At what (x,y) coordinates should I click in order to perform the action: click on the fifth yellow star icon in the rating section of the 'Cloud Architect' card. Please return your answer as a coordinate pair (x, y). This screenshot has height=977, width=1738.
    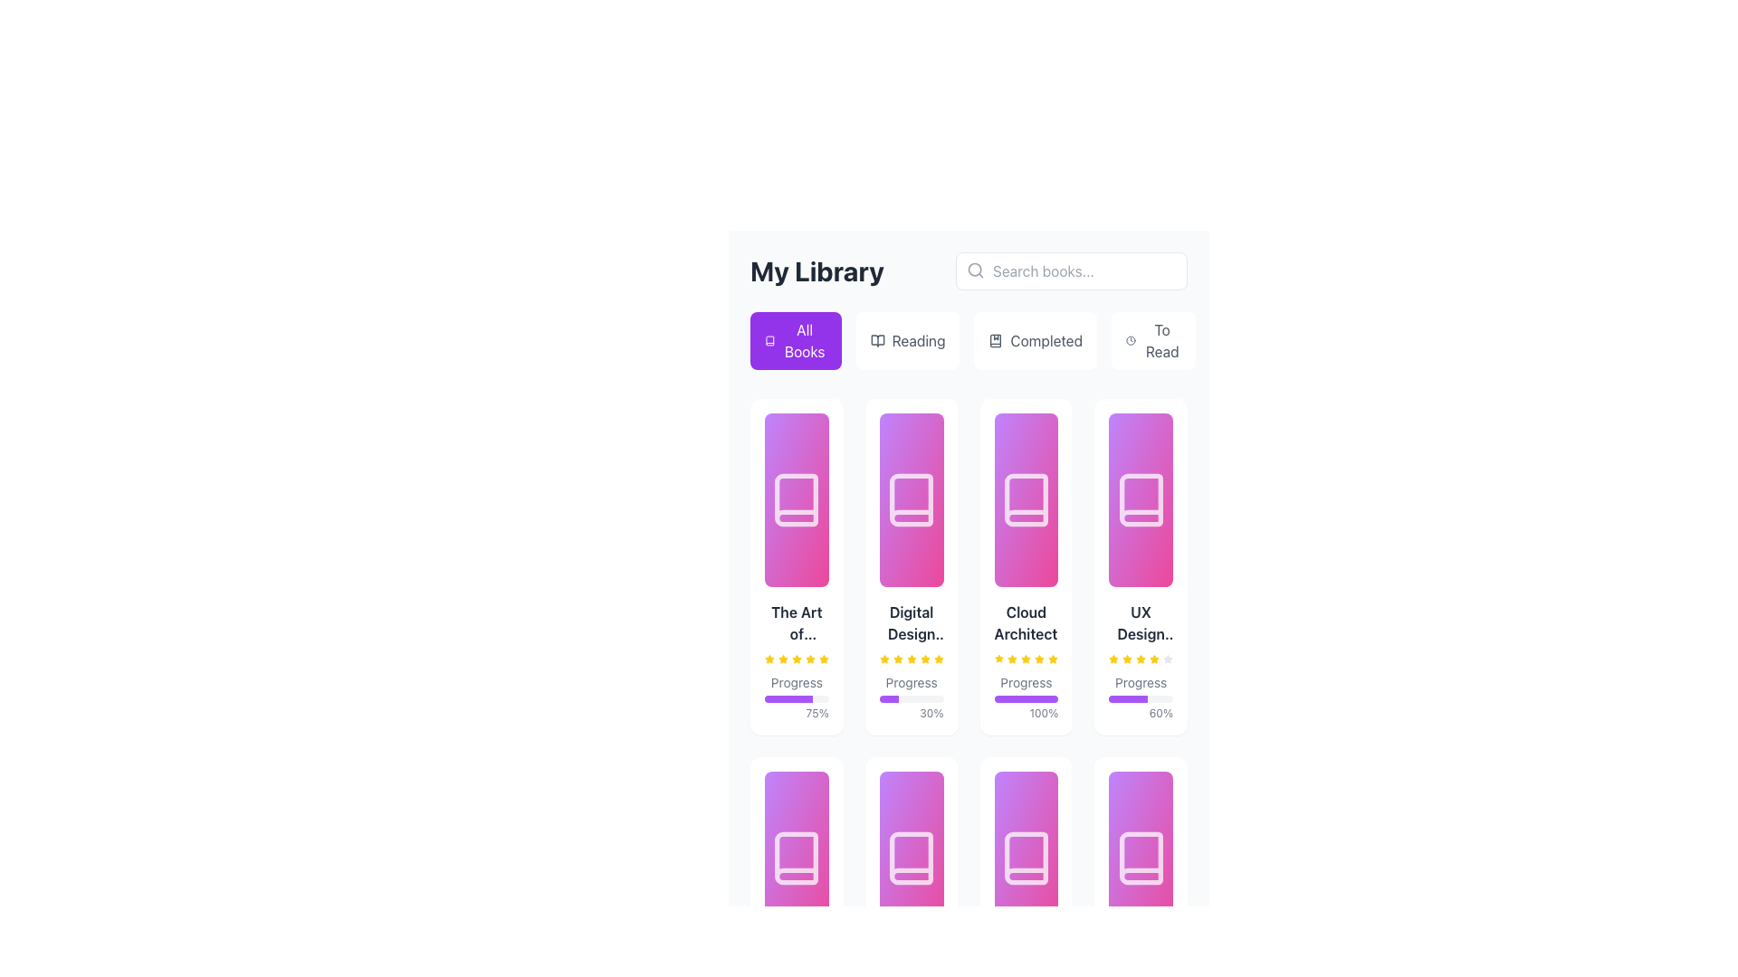
    Looking at the image, I should click on (1053, 659).